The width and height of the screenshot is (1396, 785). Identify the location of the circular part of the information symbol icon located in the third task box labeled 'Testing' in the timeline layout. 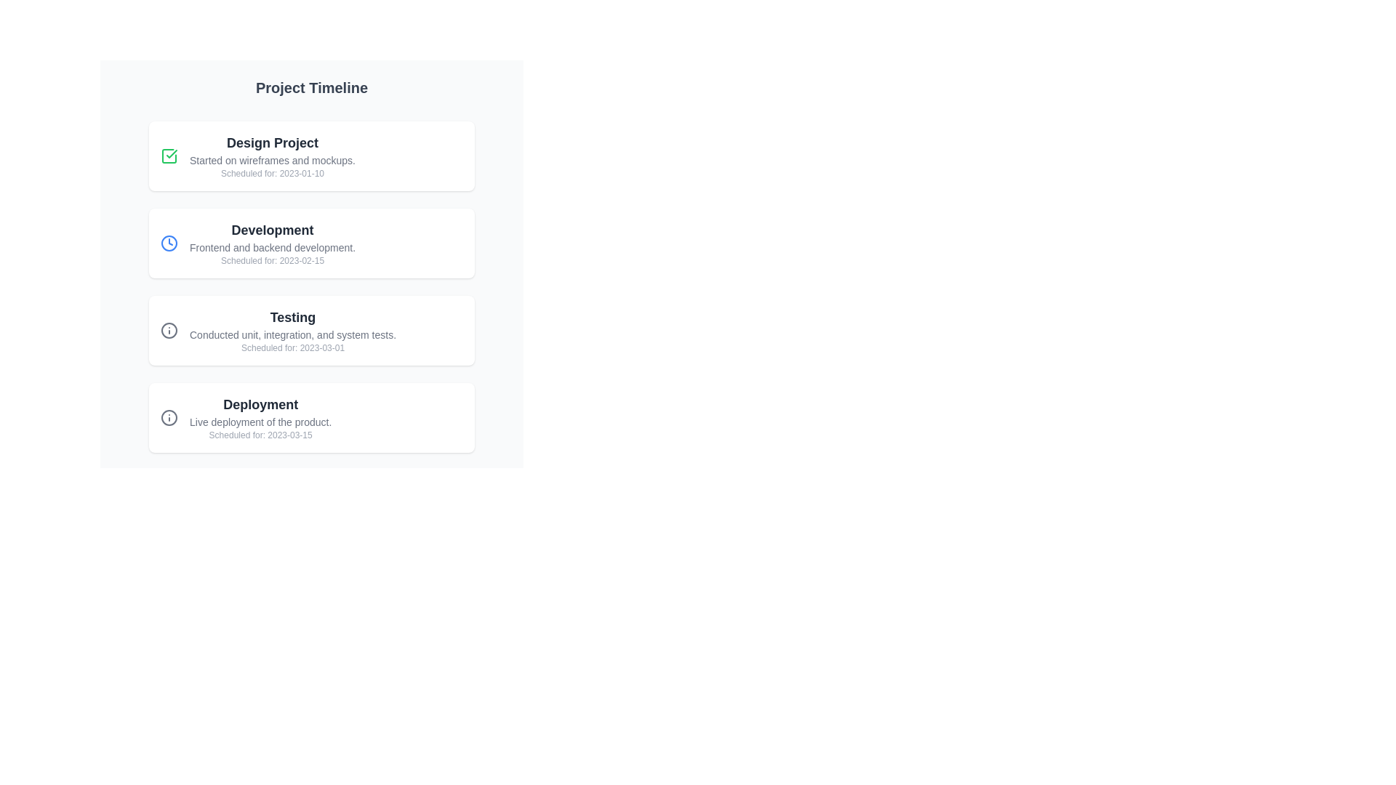
(169, 417).